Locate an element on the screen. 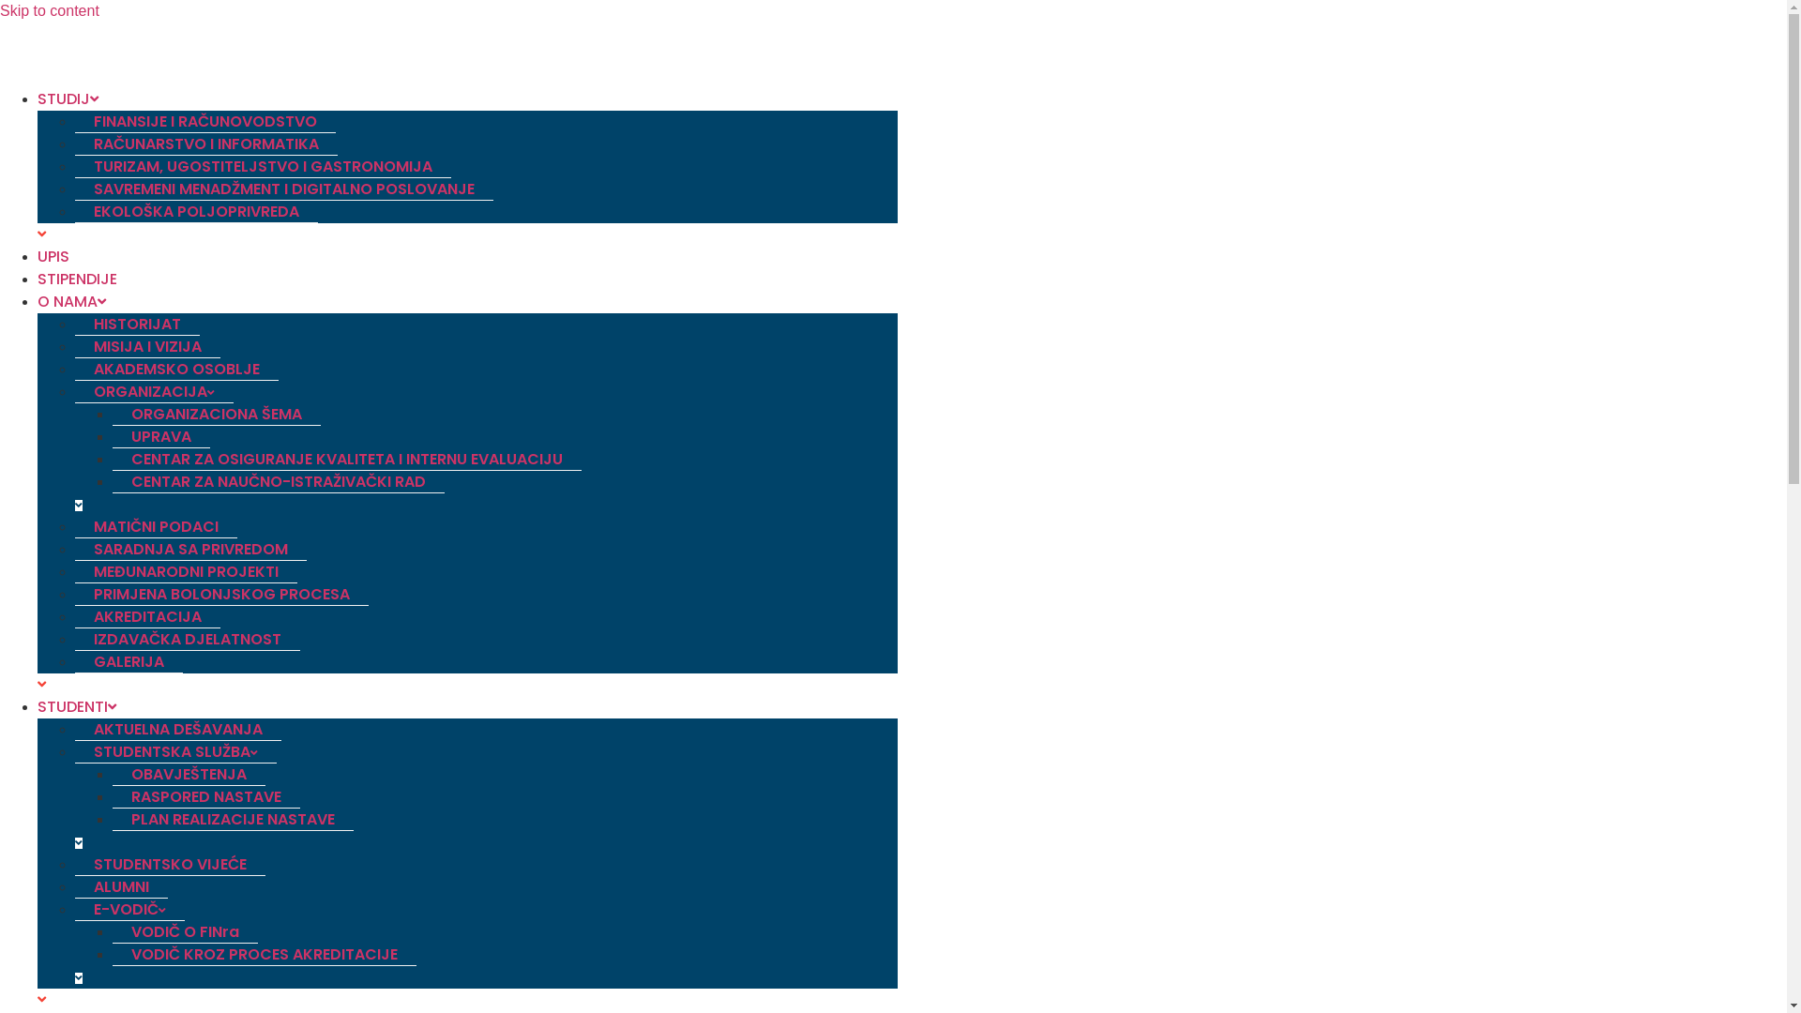 Image resolution: width=1801 pixels, height=1013 pixels. 'TURIZAM, UGOSTITELJSTVO I GASTRONOMIJA' is located at coordinates (262, 165).